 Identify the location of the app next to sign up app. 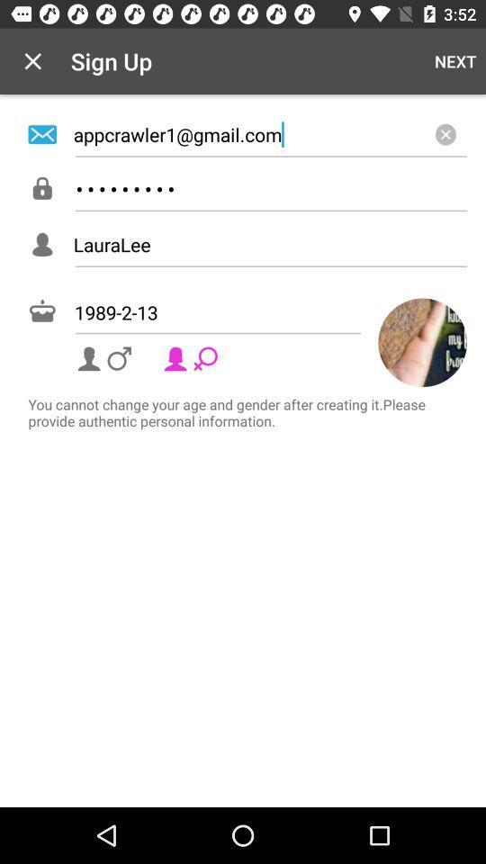
(32, 61).